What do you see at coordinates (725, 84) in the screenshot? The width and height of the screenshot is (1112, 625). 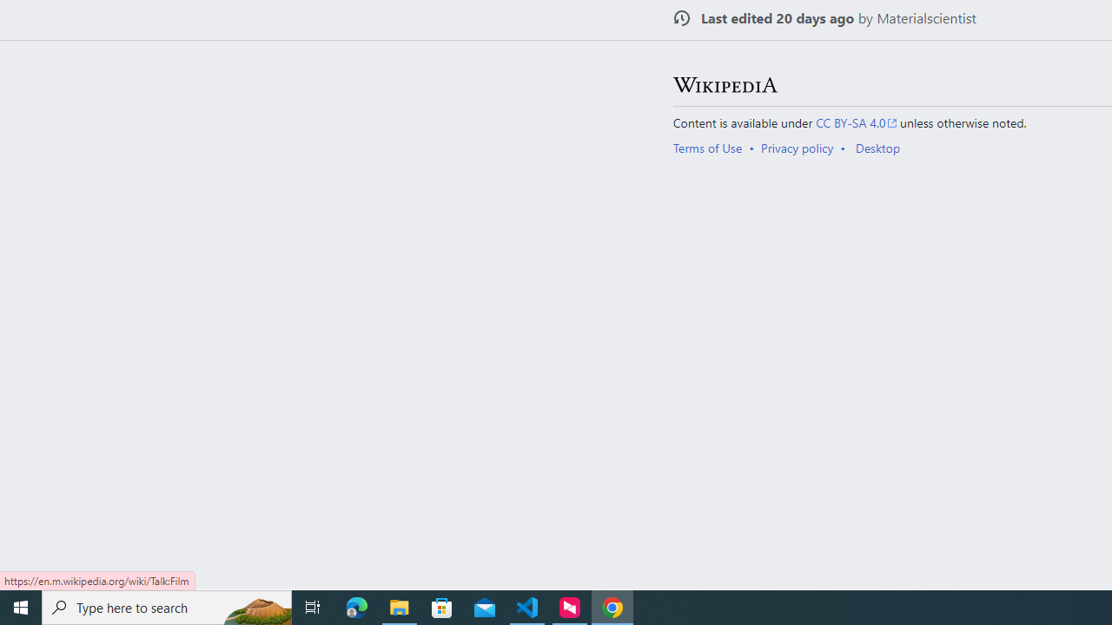 I see `'Wikipedia'` at bounding box center [725, 84].